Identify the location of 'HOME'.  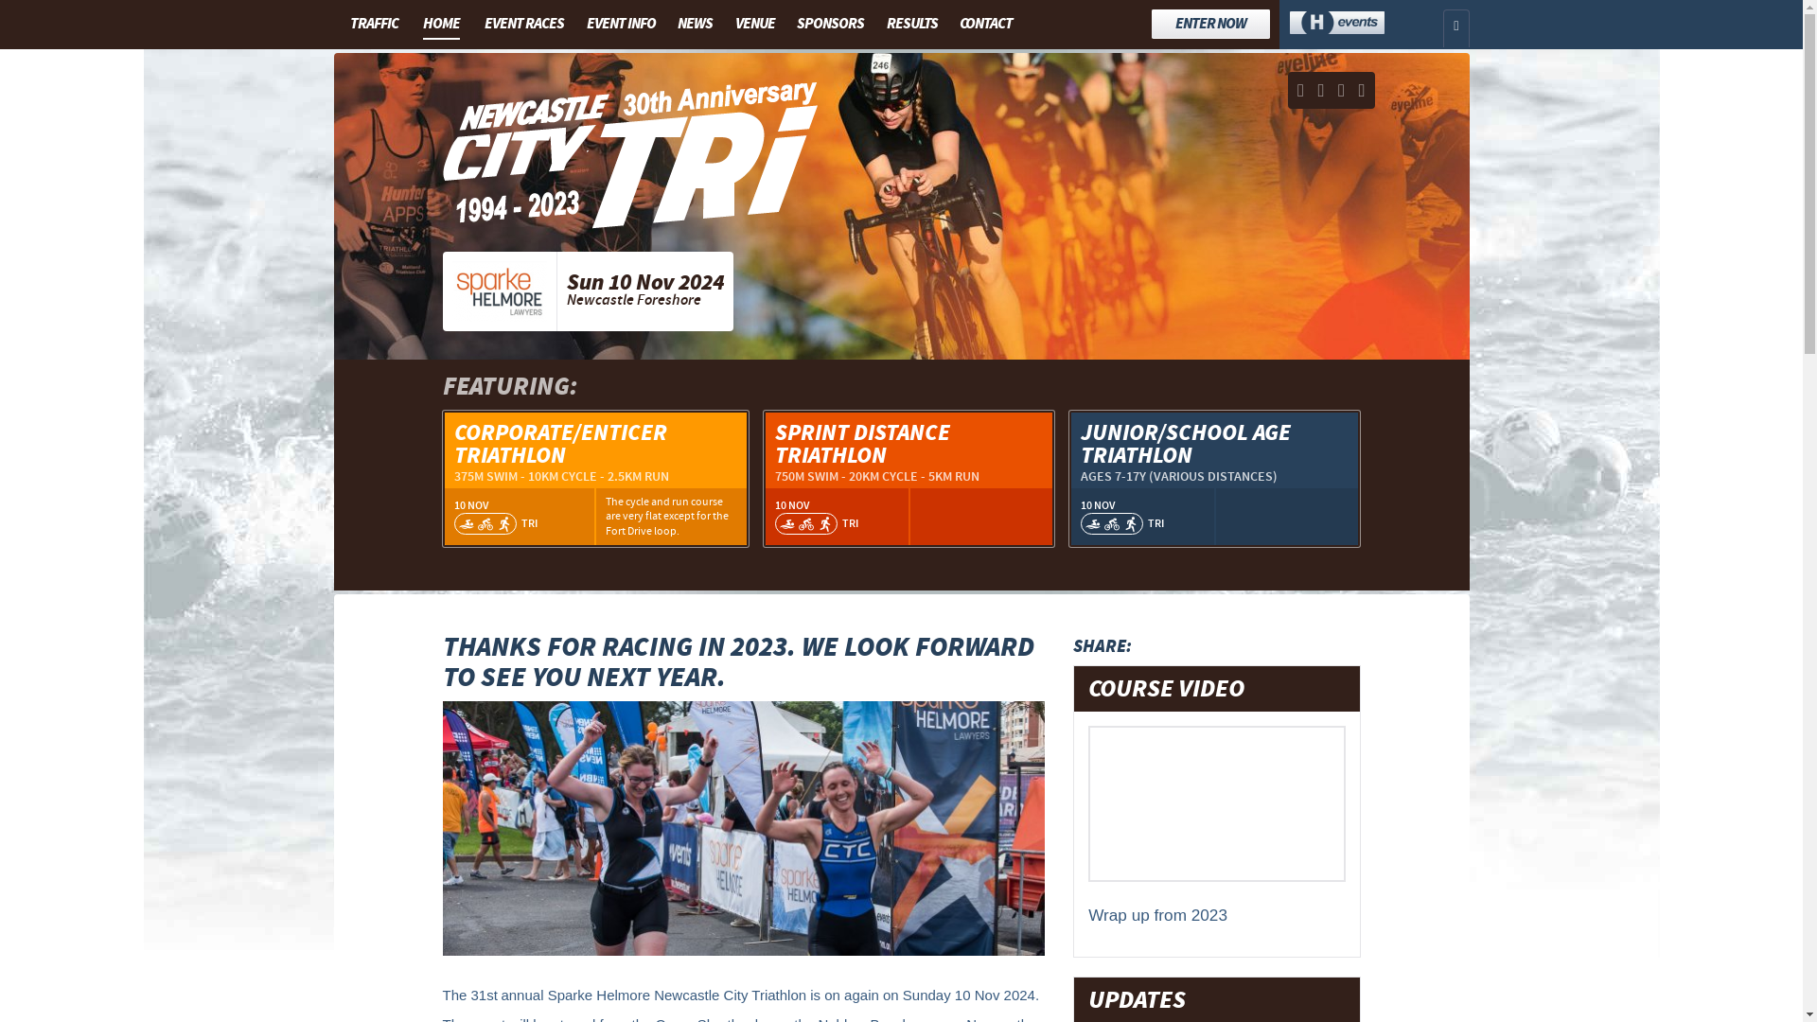
(440, 25).